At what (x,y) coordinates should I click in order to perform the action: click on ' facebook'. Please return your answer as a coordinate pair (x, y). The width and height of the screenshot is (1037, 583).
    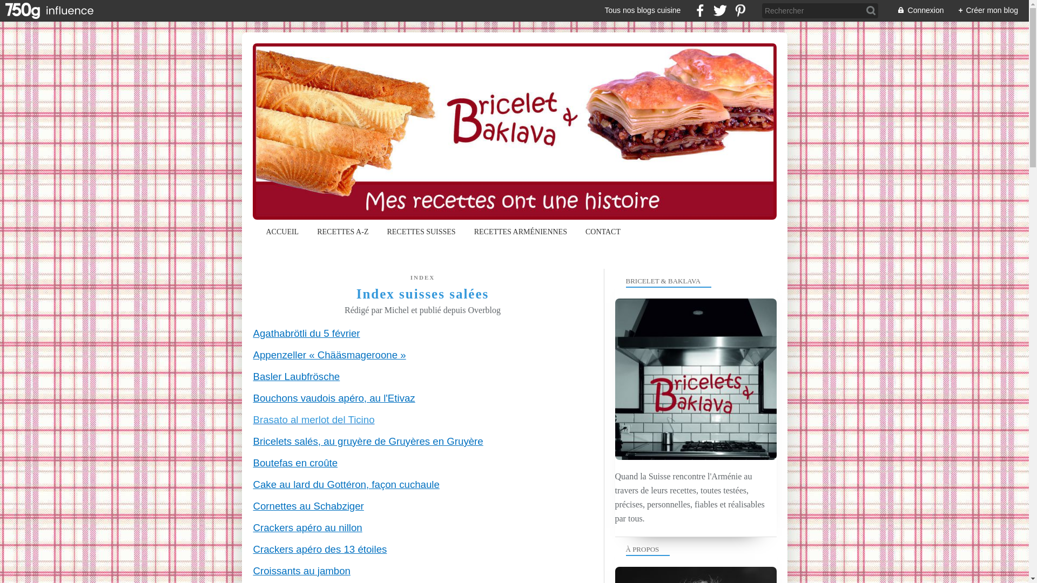
    Looking at the image, I should click on (700, 10).